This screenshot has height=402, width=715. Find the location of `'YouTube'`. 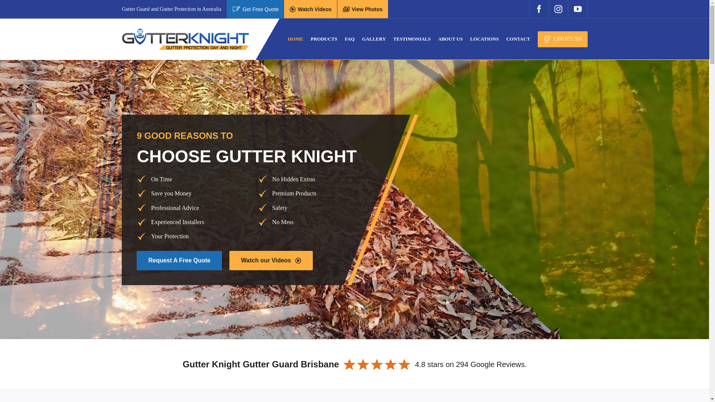

'YouTube' is located at coordinates (577, 9).